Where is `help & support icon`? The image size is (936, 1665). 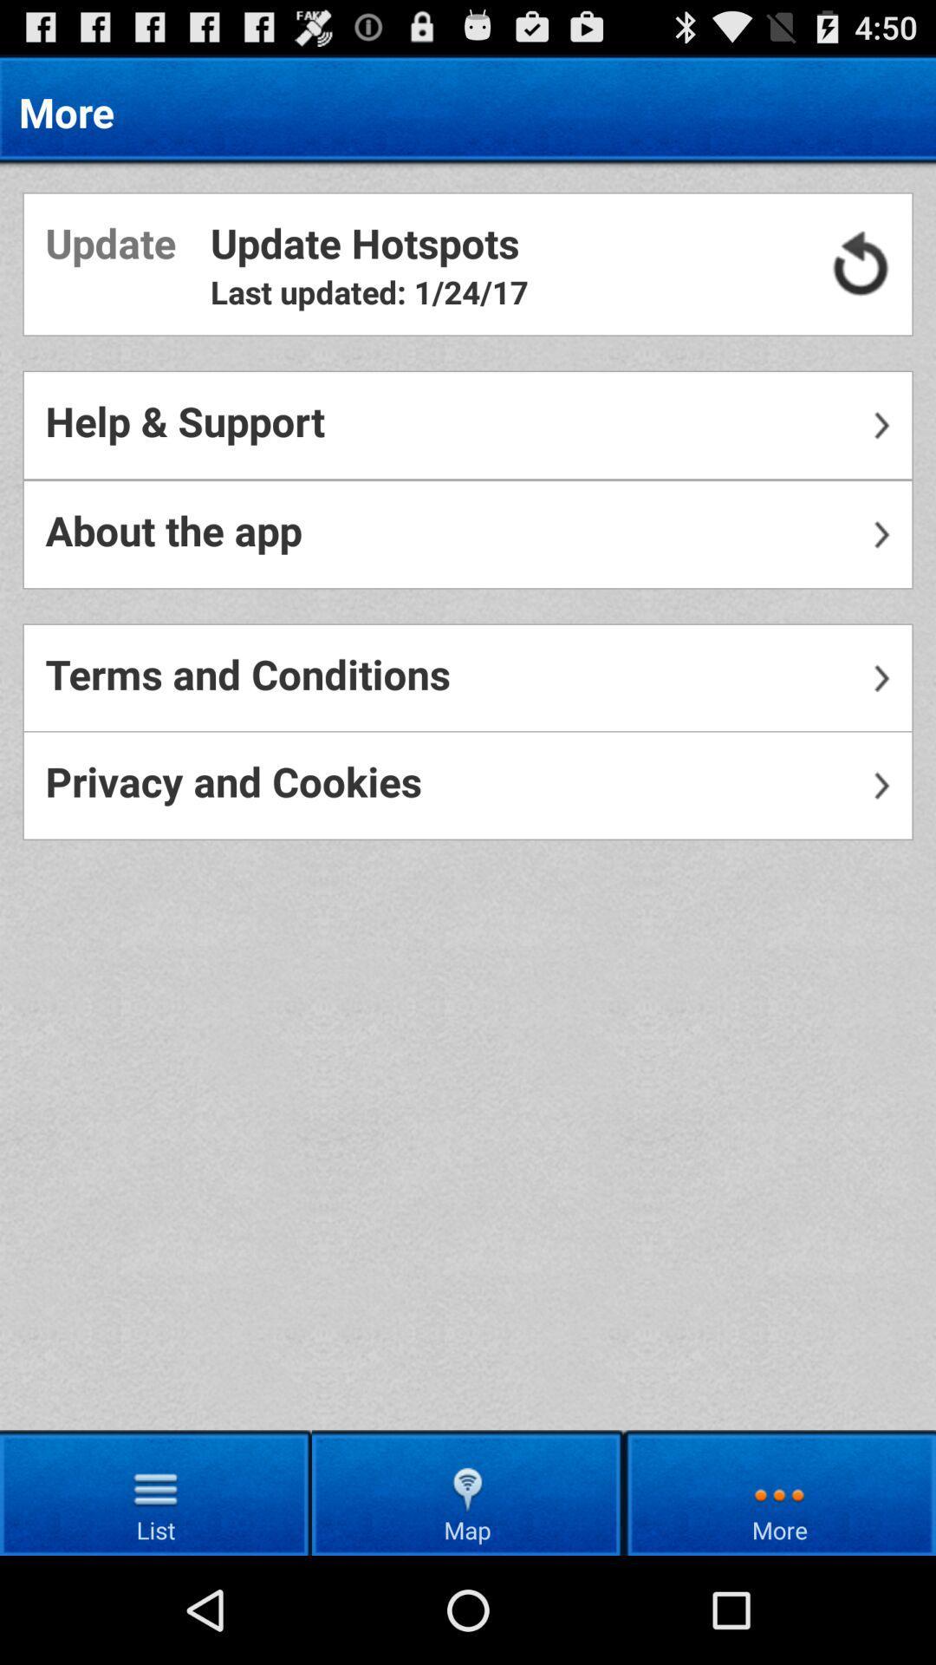 help & support icon is located at coordinates (468, 425).